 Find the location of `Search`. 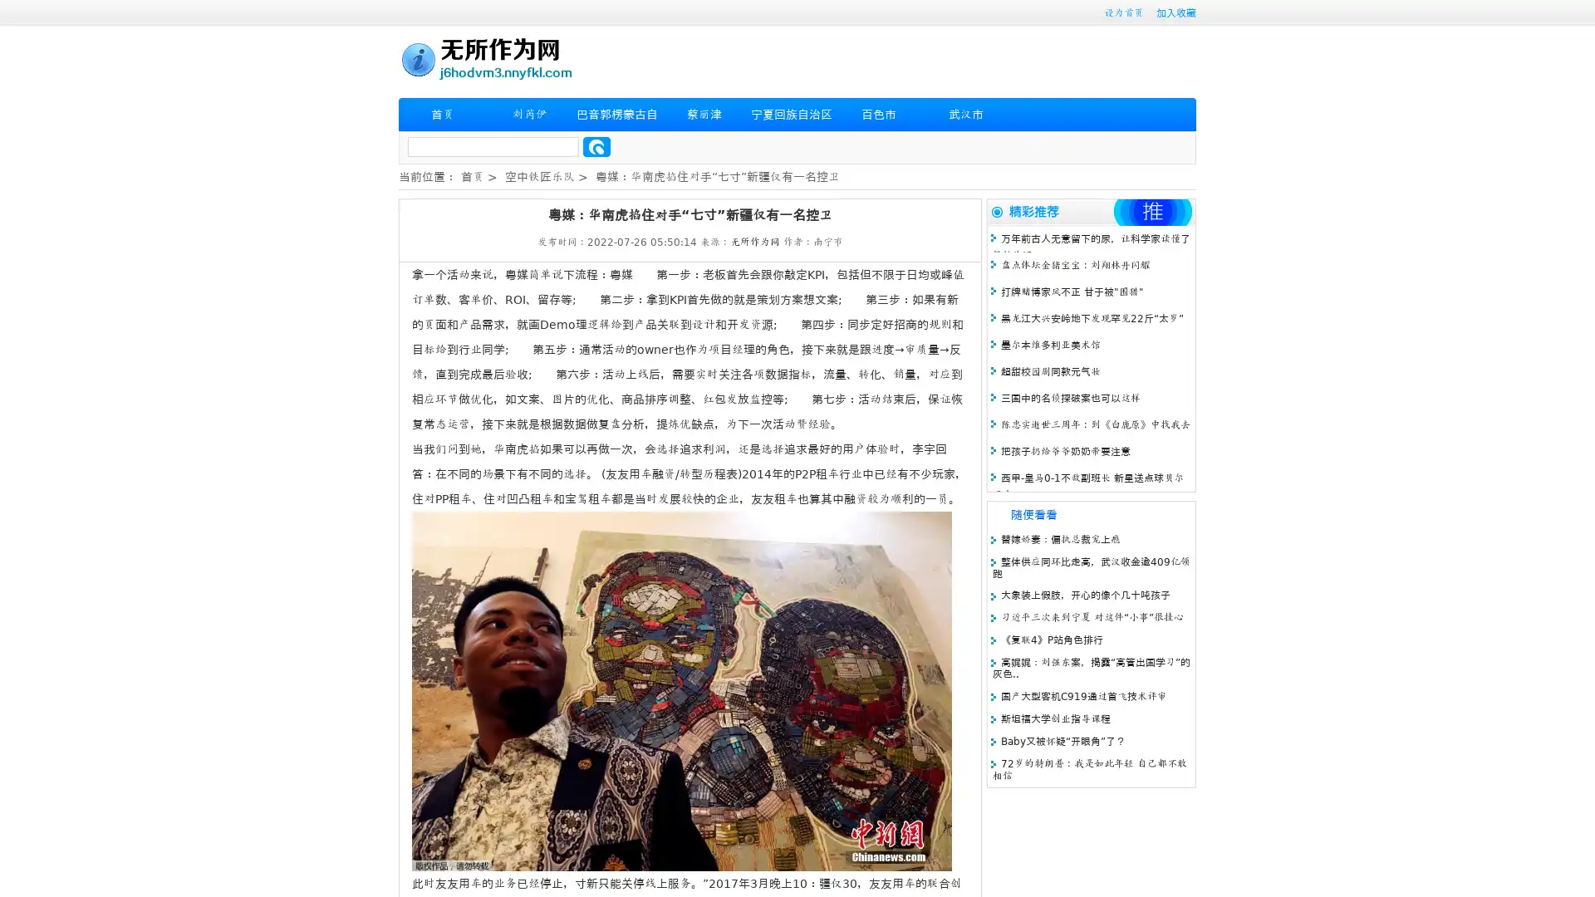

Search is located at coordinates (596, 146).